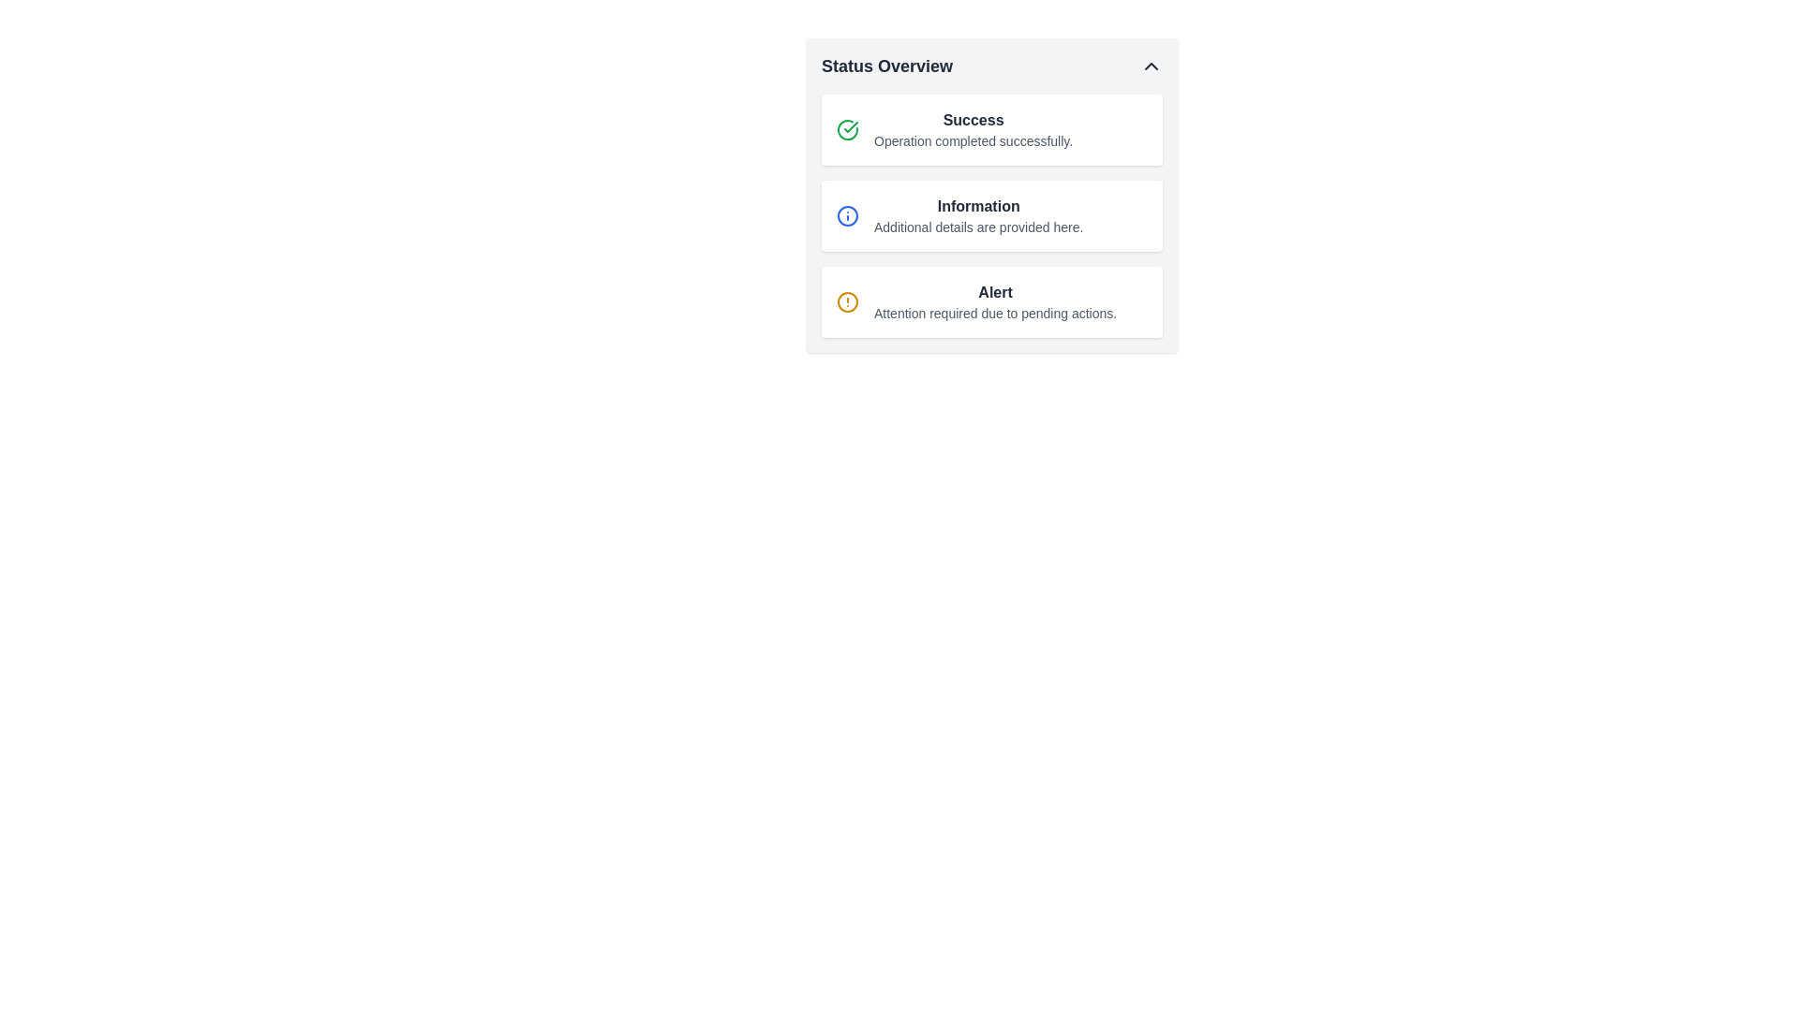 The width and height of the screenshot is (1799, 1011). What do you see at coordinates (885, 65) in the screenshot?
I see `text label that displays 'Status Overview', which is styled in a bold font and dark gray color, located at the top-left of the content card` at bounding box center [885, 65].